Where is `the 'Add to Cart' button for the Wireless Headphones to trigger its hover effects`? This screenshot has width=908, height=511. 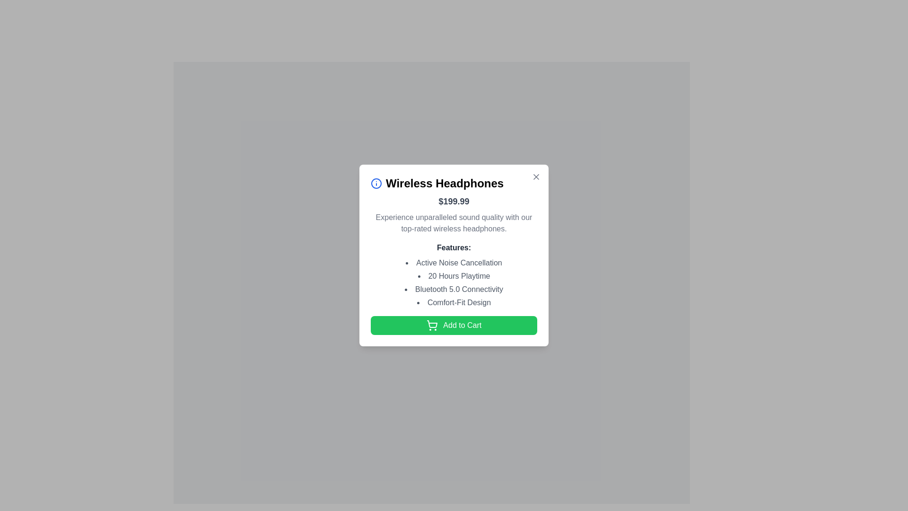
the 'Add to Cart' button for the Wireless Headphones to trigger its hover effects is located at coordinates (454, 324).